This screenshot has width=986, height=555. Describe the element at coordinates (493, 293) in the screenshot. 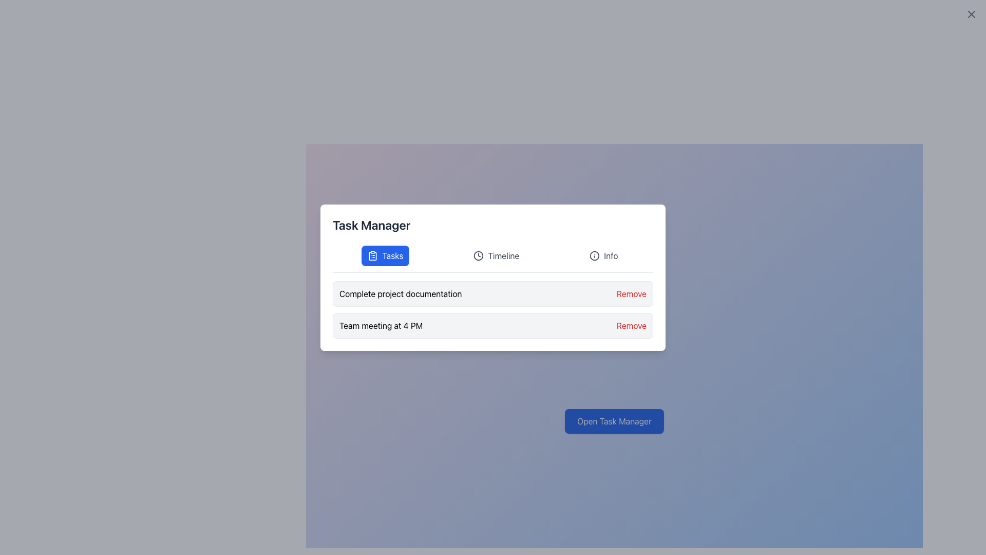

I see `the 'Remove' link of the task item labeled 'Complete project documentation'` at that location.